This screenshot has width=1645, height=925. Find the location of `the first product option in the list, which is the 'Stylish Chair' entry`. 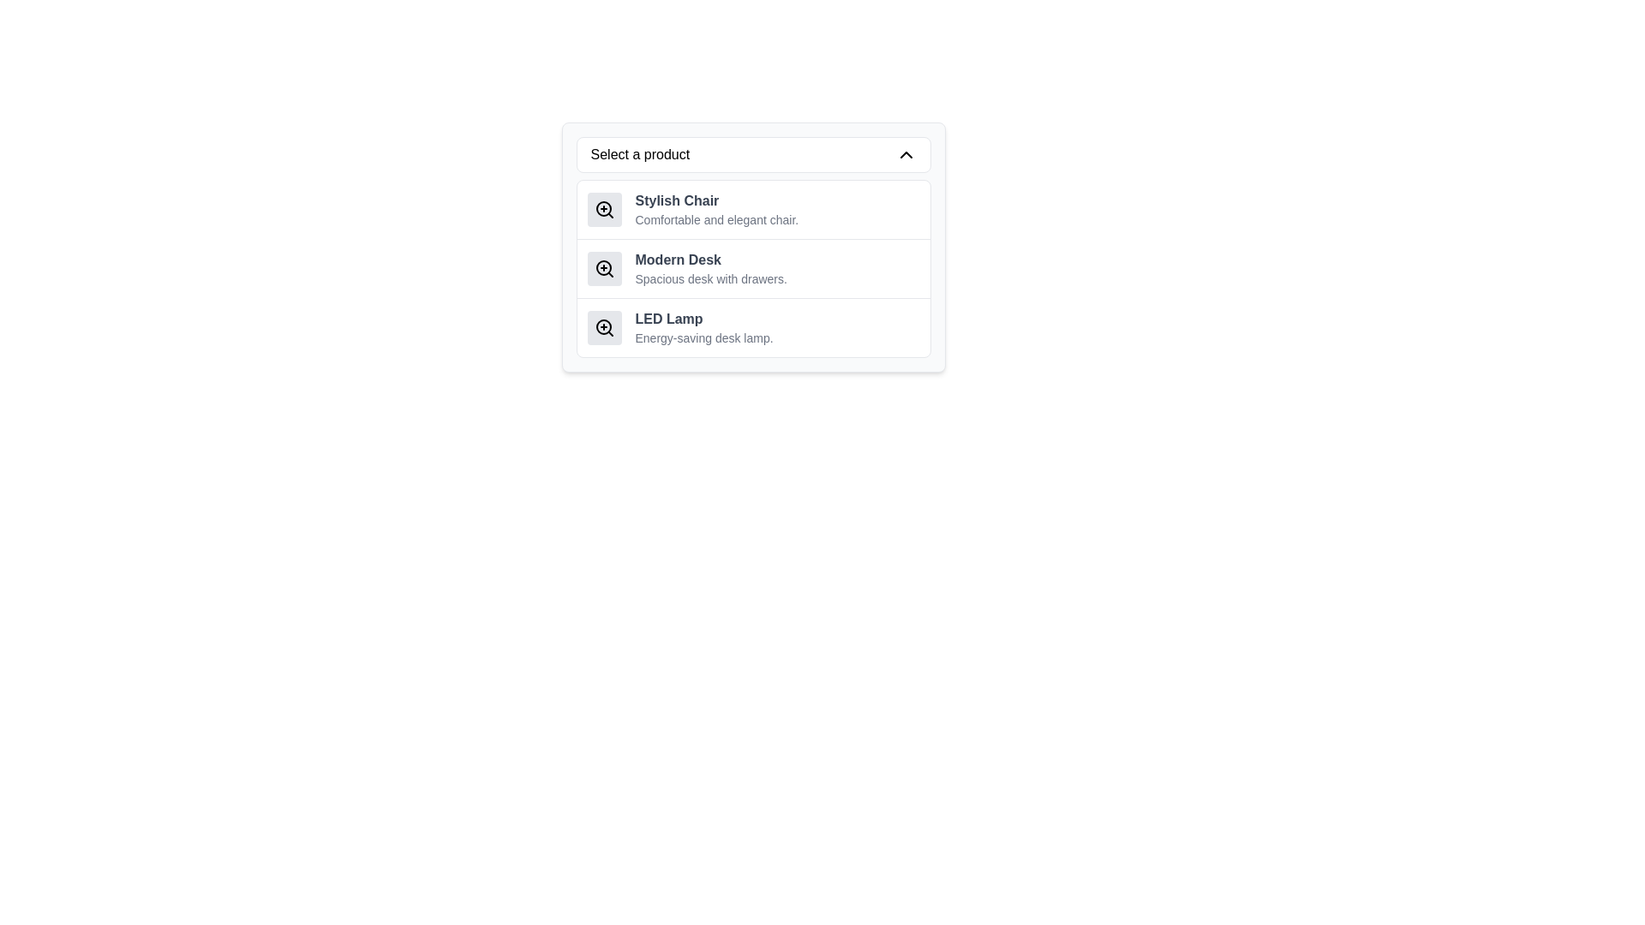

the first product option in the list, which is the 'Stylish Chair' entry is located at coordinates (753, 209).